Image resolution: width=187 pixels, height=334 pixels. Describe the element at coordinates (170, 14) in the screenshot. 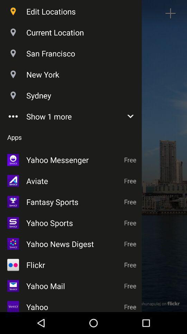

I see `the add icon` at that location.